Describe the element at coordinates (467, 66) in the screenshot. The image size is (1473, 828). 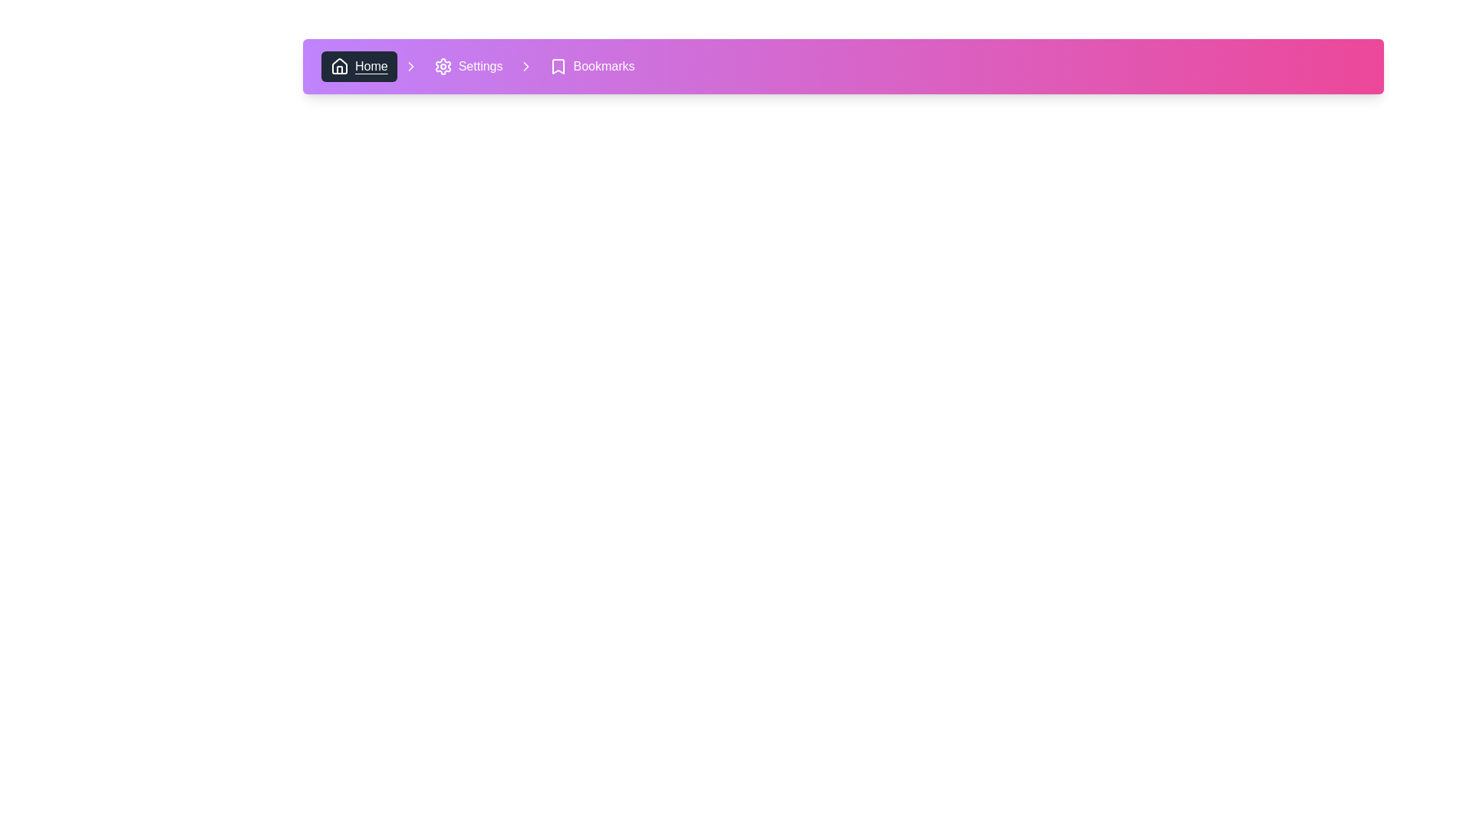
I see `the 'Settings' button located in the navigation bar, which is the second option to the right of the 'Home' button` at that location.